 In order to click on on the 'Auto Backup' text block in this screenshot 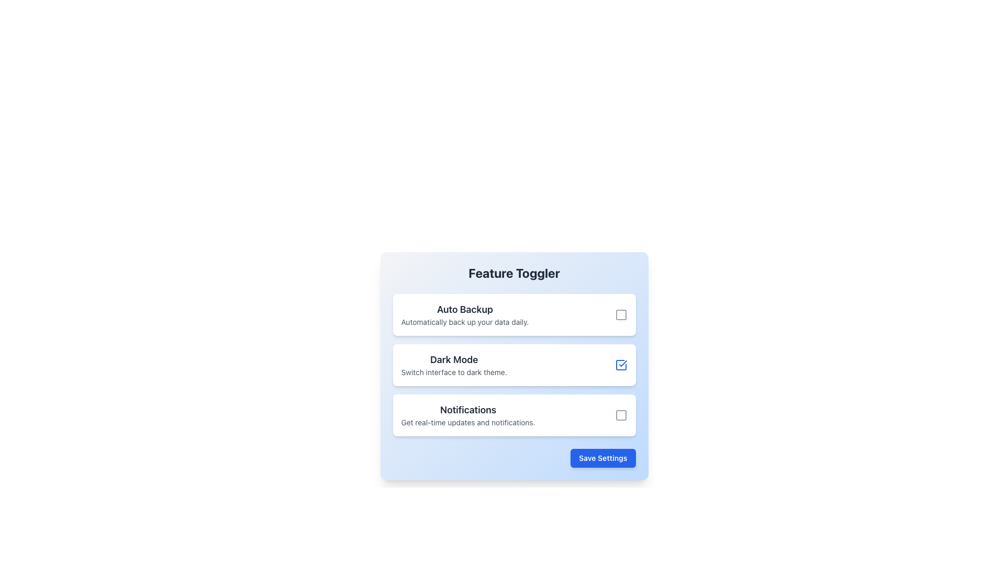, I will do `click(464, 314)`.